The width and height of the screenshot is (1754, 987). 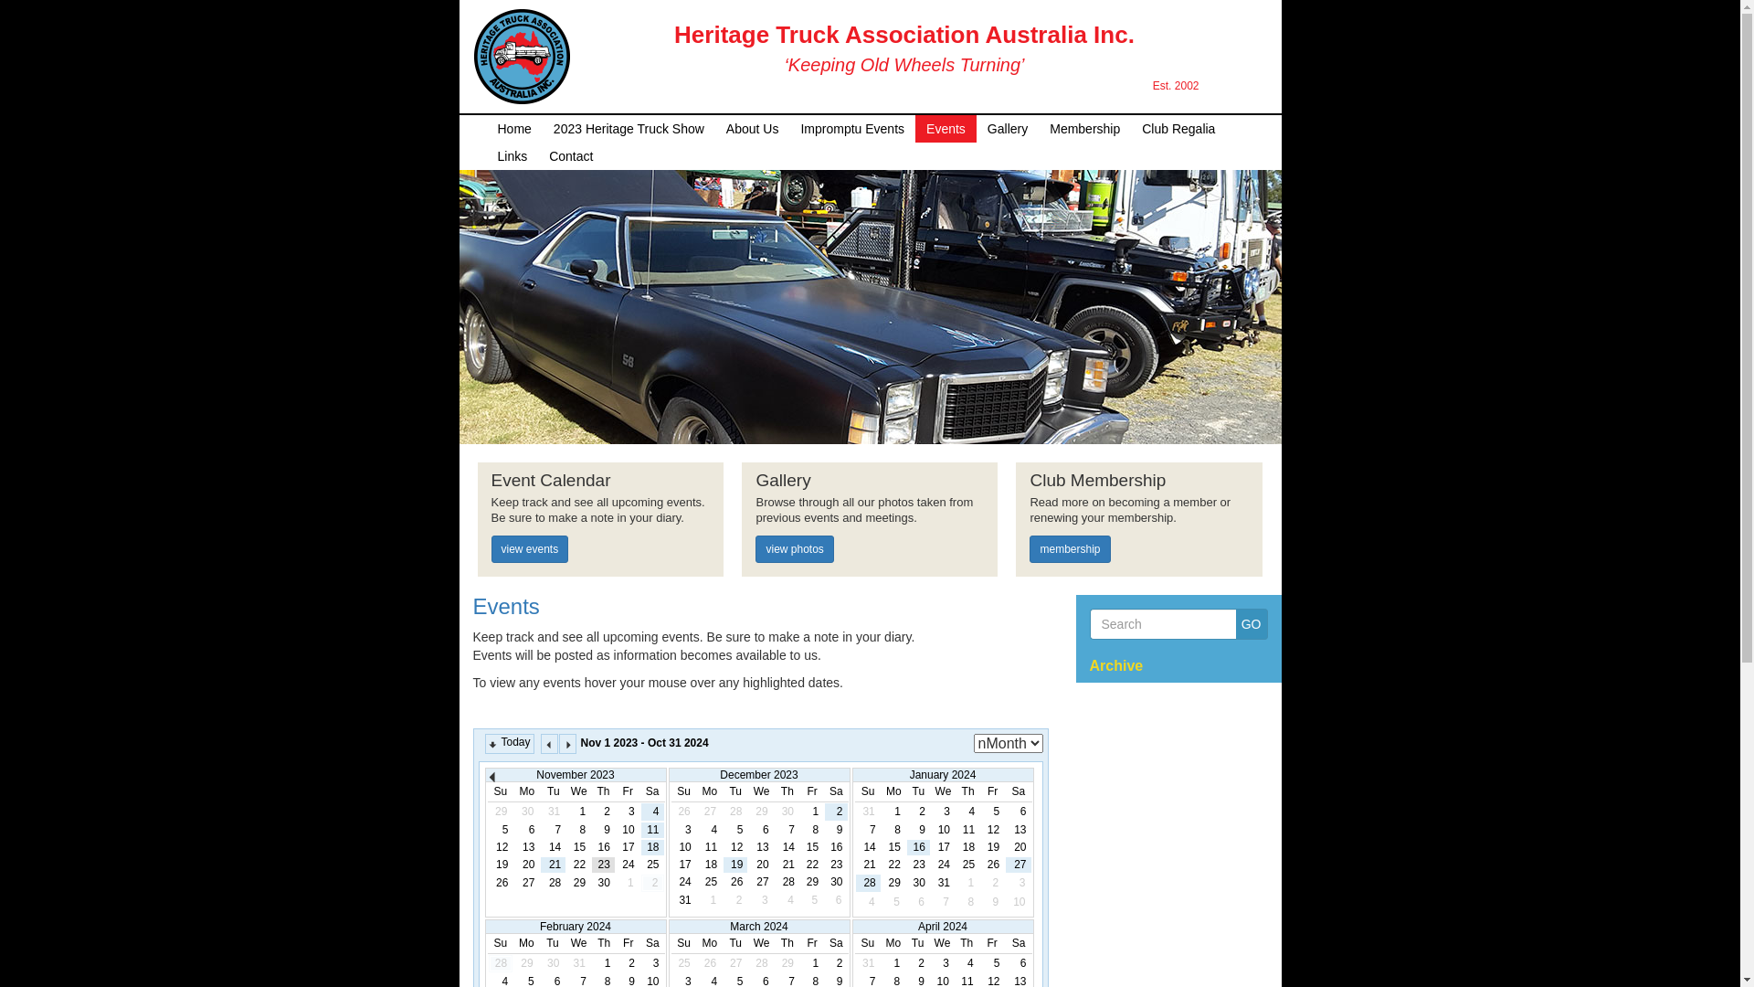 I want to click on '10', so click(x=671, y=847).